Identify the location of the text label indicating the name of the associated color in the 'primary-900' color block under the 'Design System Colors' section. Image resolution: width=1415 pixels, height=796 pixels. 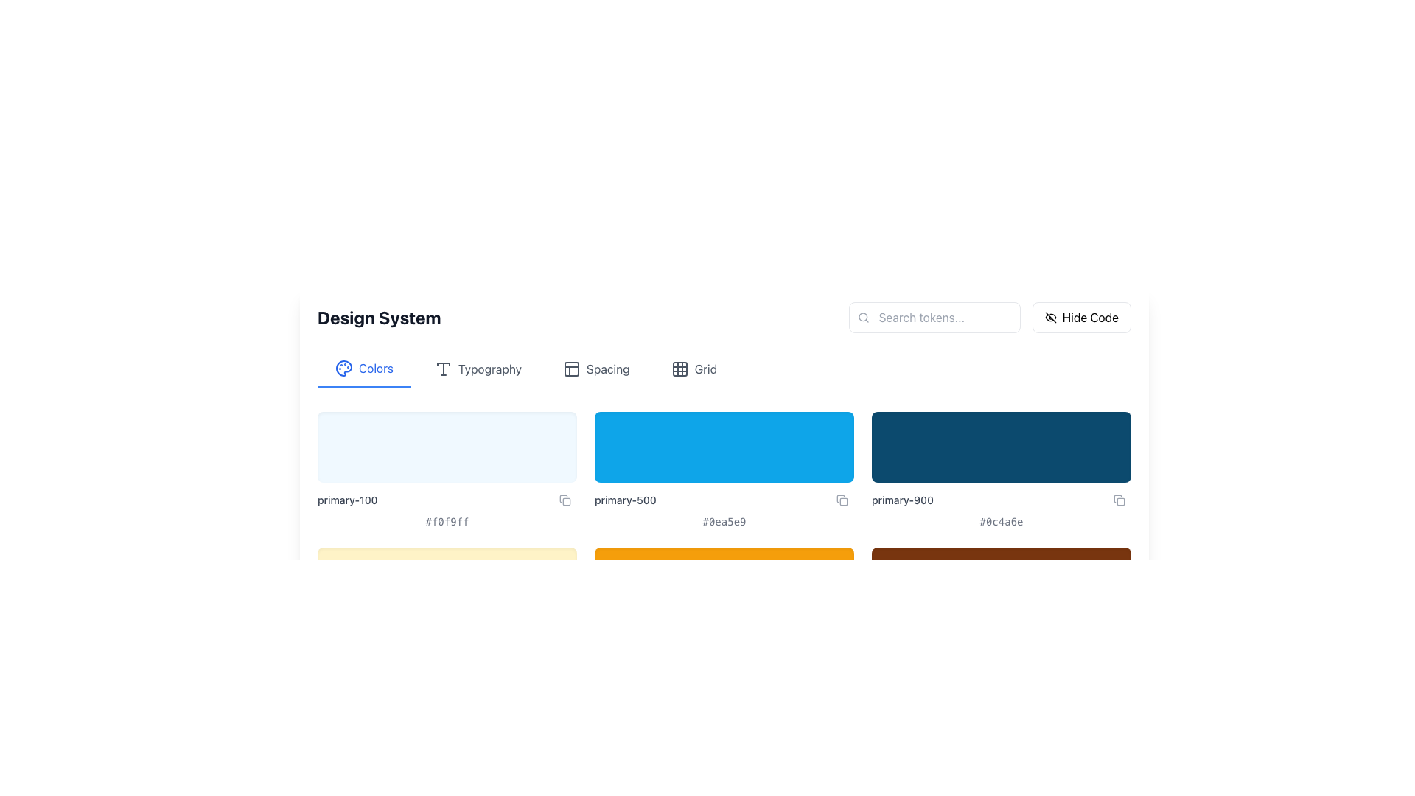
(901, 499).